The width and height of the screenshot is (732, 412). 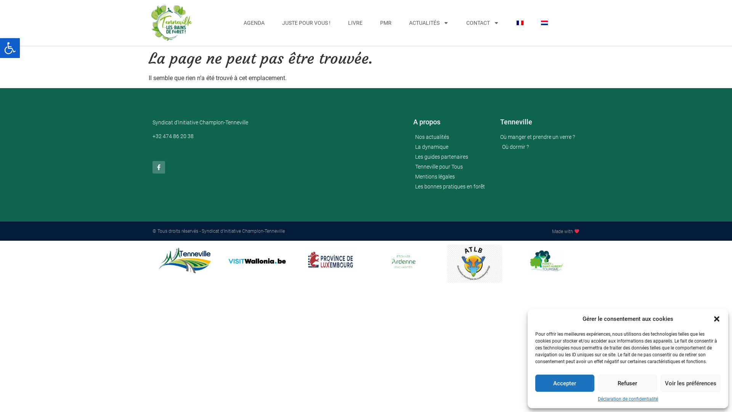 I want to click on 'JUSTE POUR VOUS !', so click(x=306, y=23).